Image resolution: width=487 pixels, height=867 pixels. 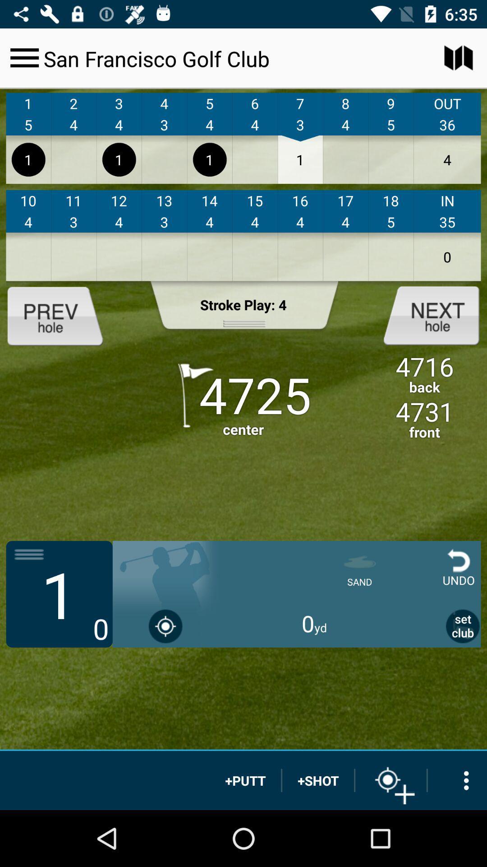 What do you see at coordinates (457, 780) in the screenshot?
I see `options` at bounding box center [457, 780].